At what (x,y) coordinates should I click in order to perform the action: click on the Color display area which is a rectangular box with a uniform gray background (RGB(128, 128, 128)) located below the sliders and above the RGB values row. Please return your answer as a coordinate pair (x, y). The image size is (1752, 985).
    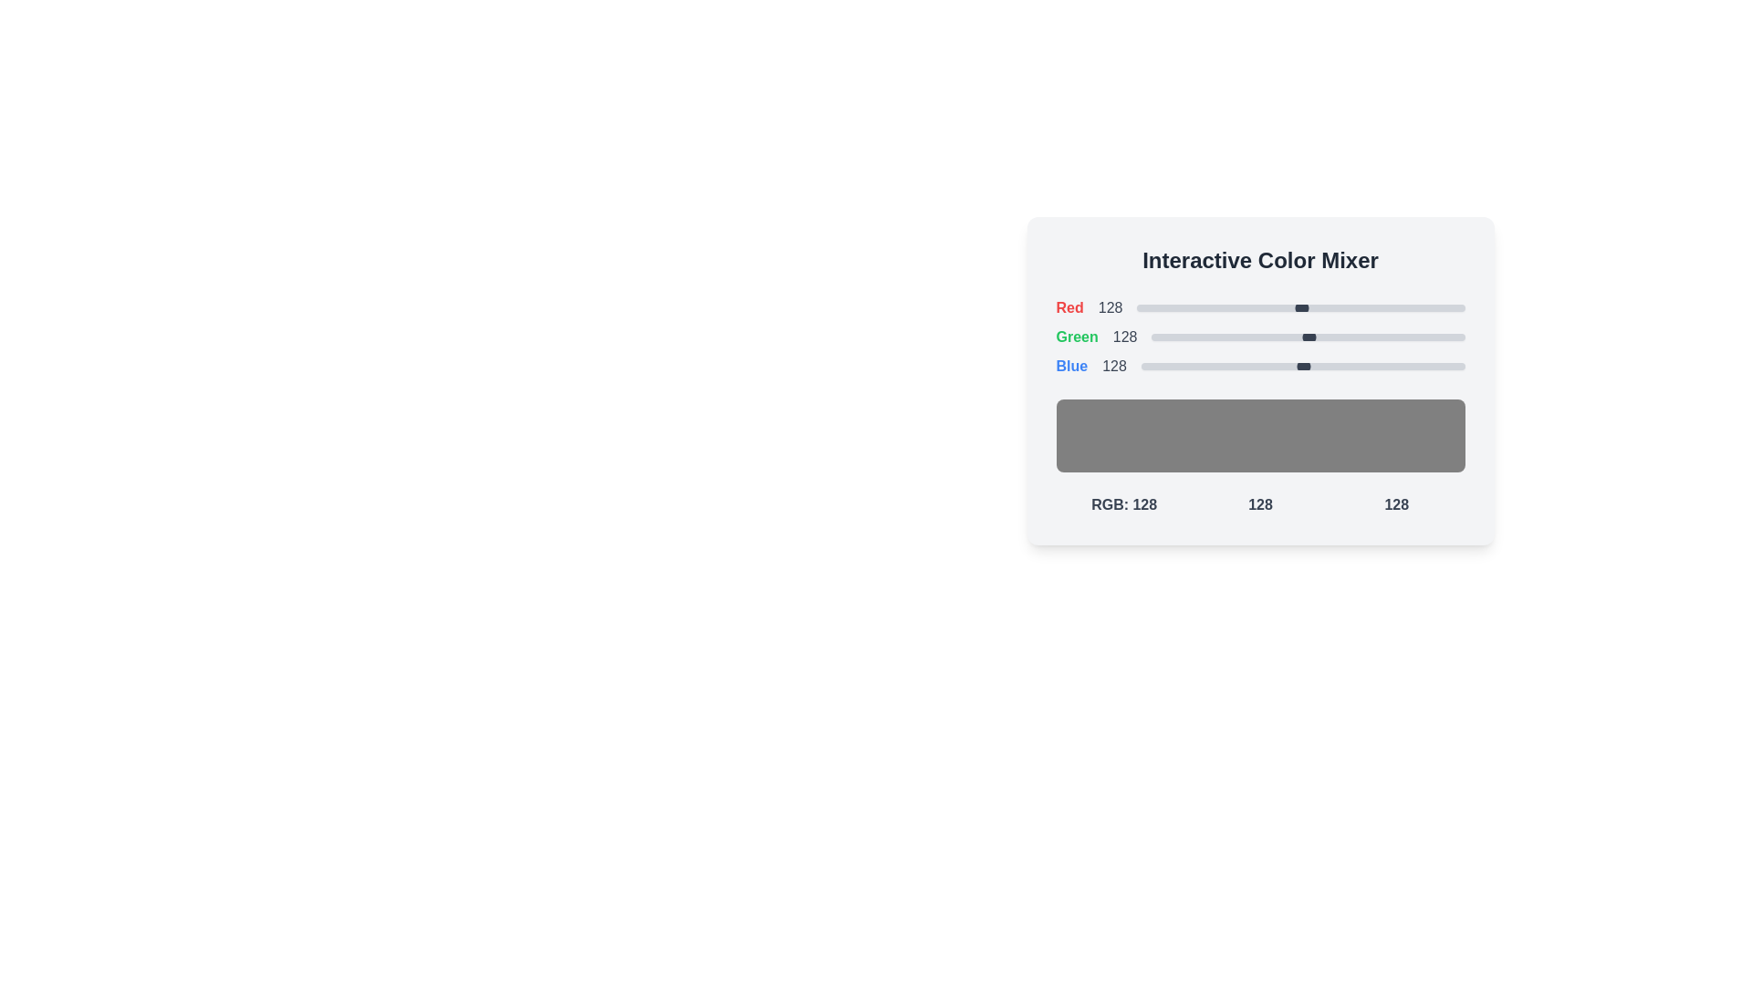
    Looking at the image, I should click on (1259, 406).